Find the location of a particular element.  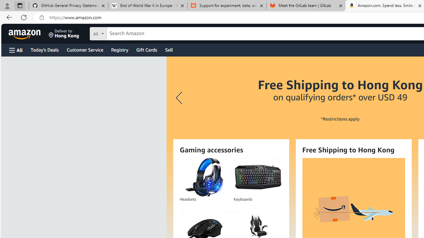

'Amazon' is located at coordinates (25, 33).